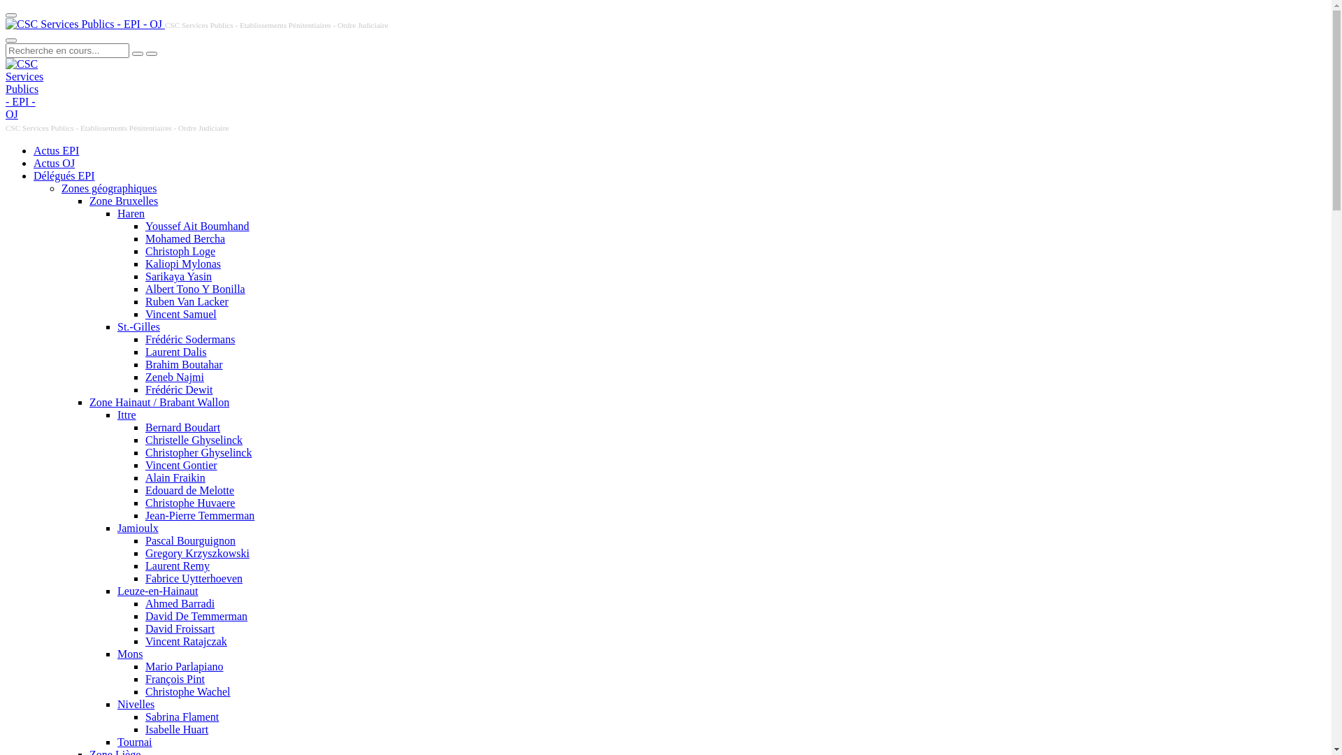  What do you see at coordinates (145, 691) in the screenshot?
I see `'Christophe Wachel'` at bounding box center [145, 691].